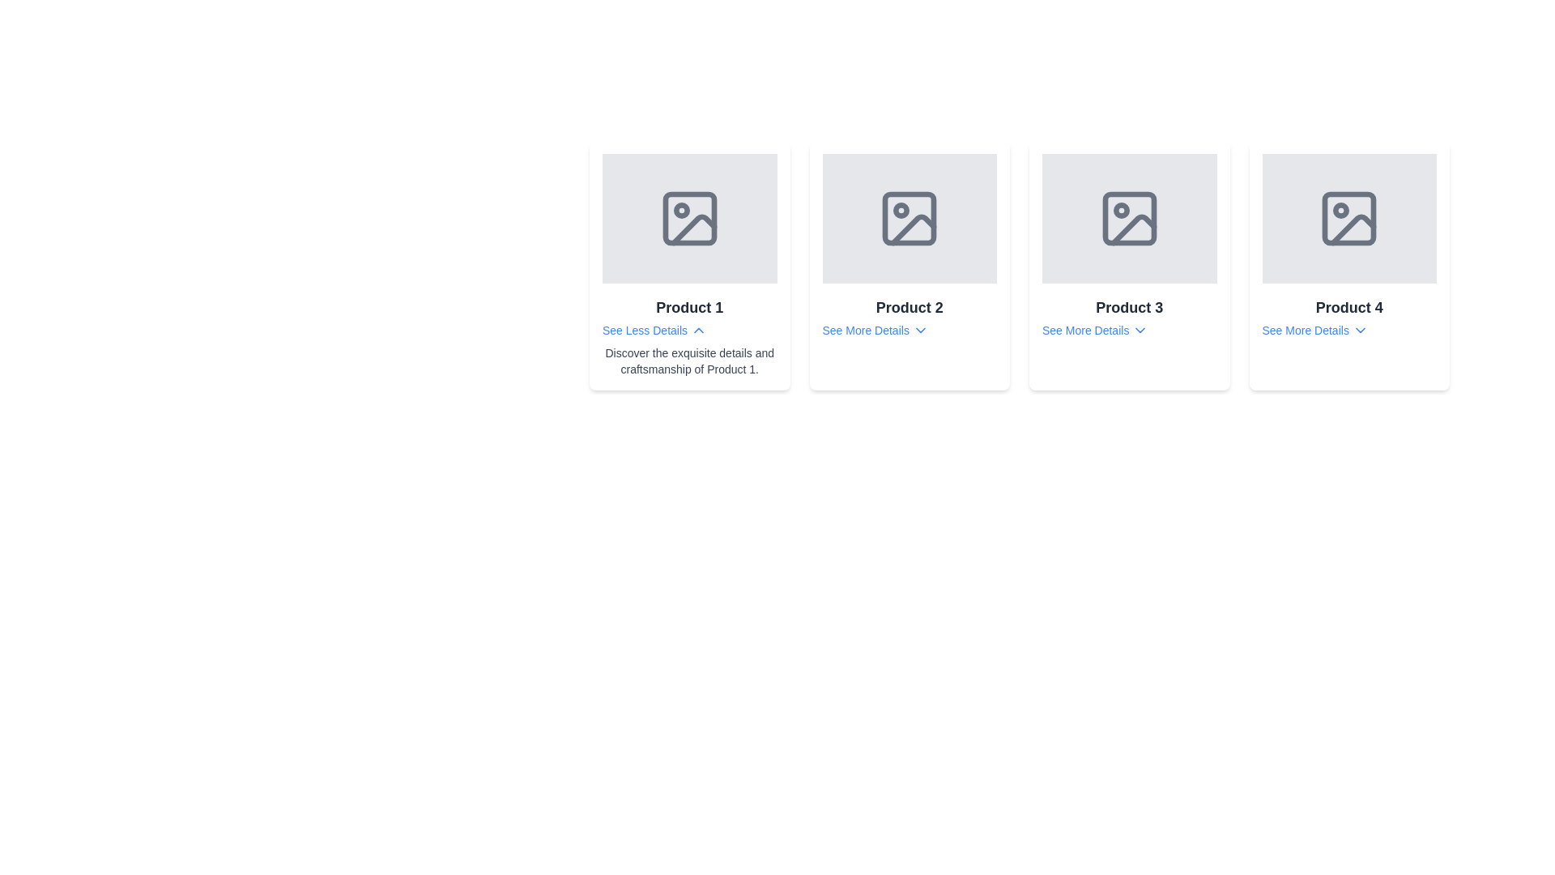  I want to click on the chevron icon located to the right of the 'See More Details' text in the 'Product 2' card, so click(920, 330).